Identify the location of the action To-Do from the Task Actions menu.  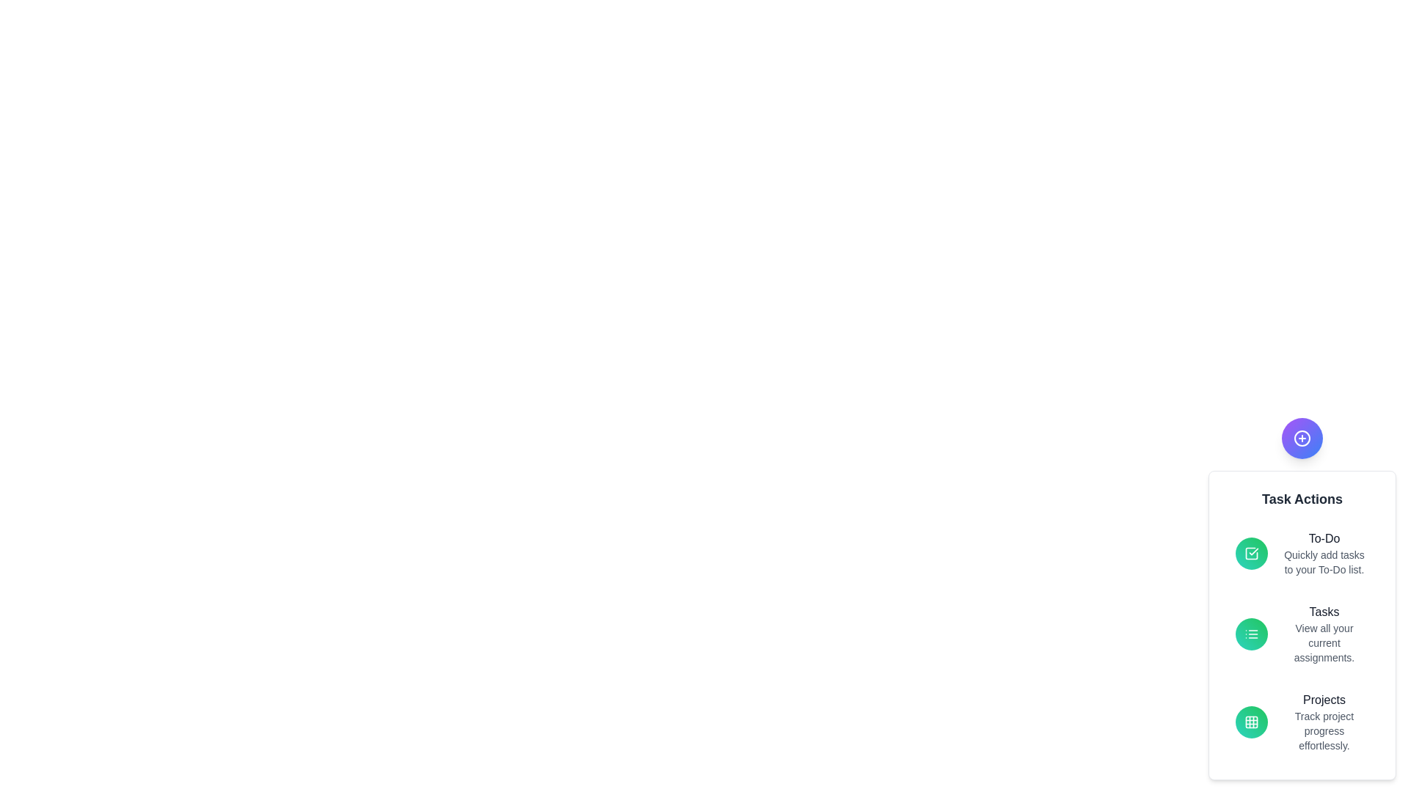
(1324, 539).